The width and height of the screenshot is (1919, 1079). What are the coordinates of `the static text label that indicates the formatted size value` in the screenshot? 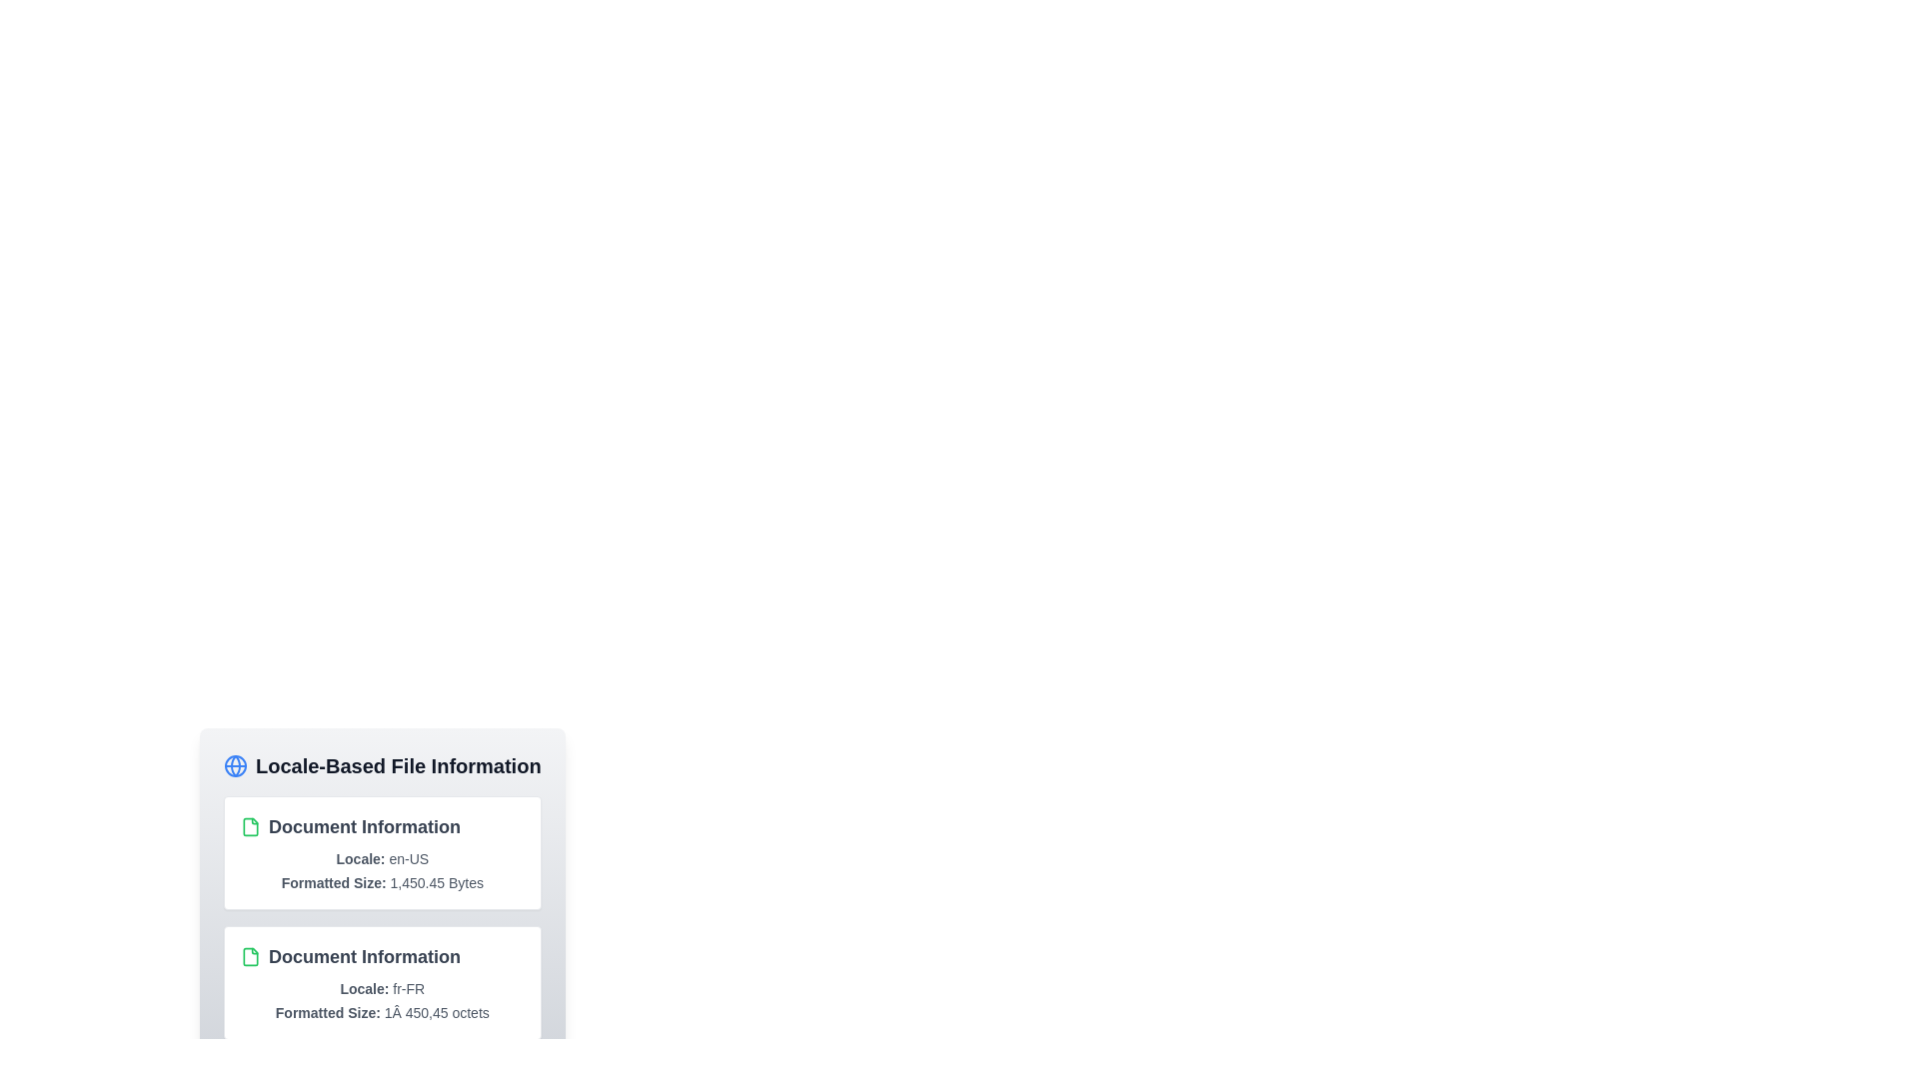 It's located at (334, 881).